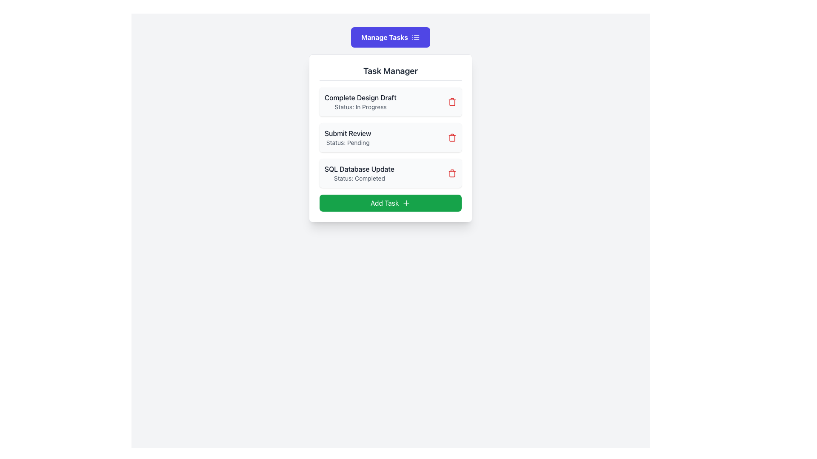  I want to click on the 'Add Task' button located at the bottom of the 'Task Manager' panel, so click(390, 203).